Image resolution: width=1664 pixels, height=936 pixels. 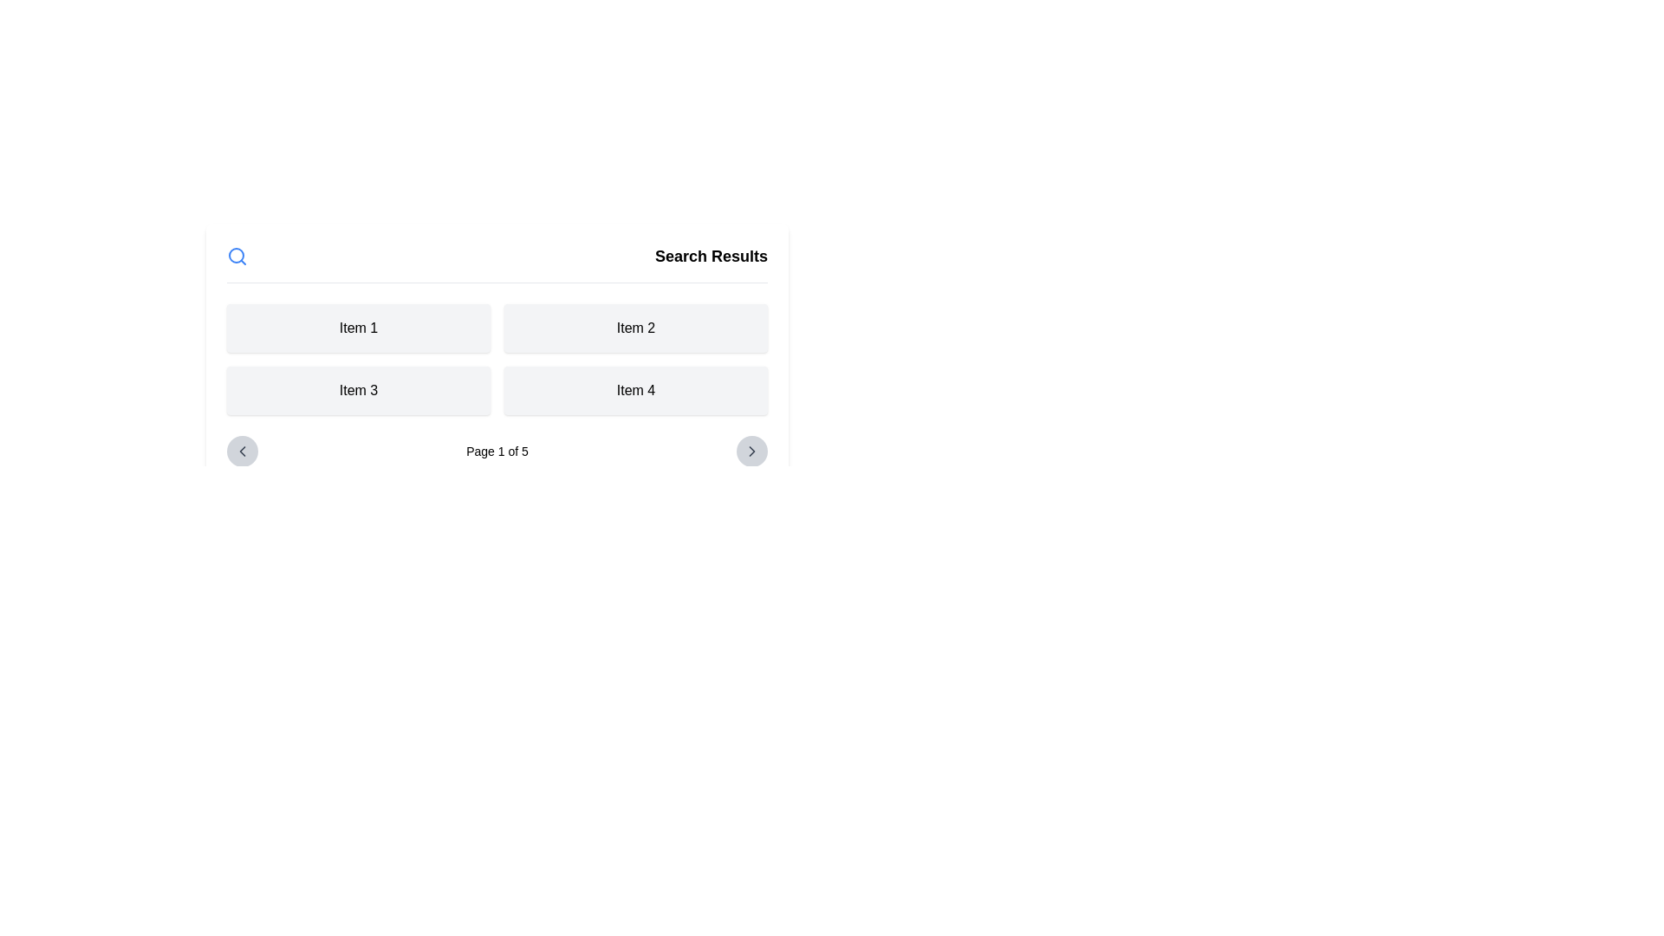 What do you see at coordinates (752, 450) in the screenshot?
I see `the next-page button, which is a circular button with a gray background and a right-pointing arrow, located in the lower right corner of the interface` at bounding box center [752, 450].